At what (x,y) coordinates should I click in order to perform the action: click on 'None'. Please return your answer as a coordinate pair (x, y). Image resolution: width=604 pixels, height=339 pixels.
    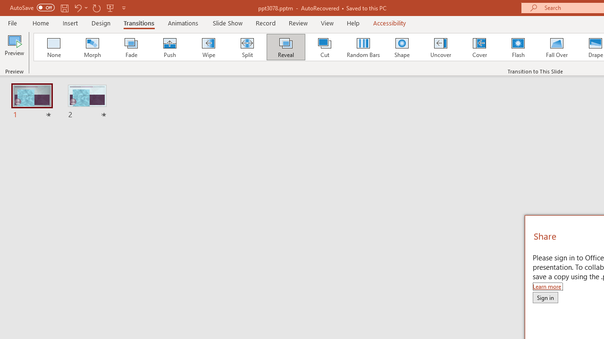
    Looking at the image, I should click on (53, 47).